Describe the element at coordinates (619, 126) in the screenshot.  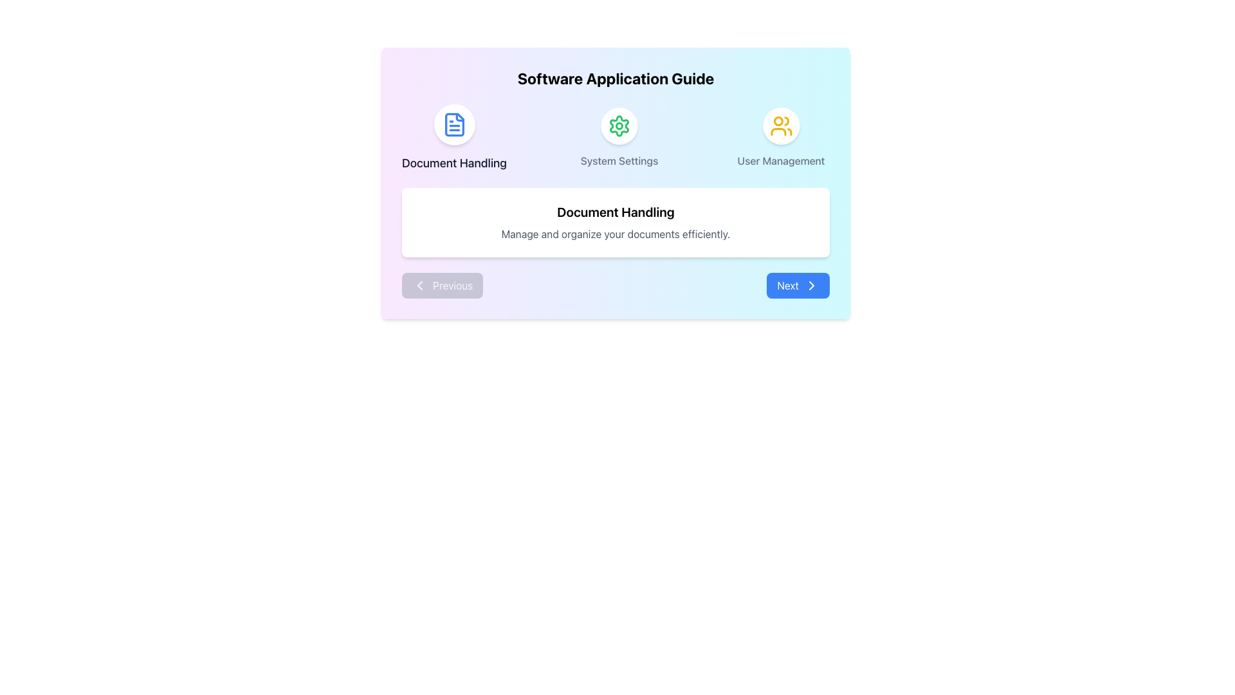
I see `the circular Icon Button with a green gear icon for keyboard navigation` at that location.